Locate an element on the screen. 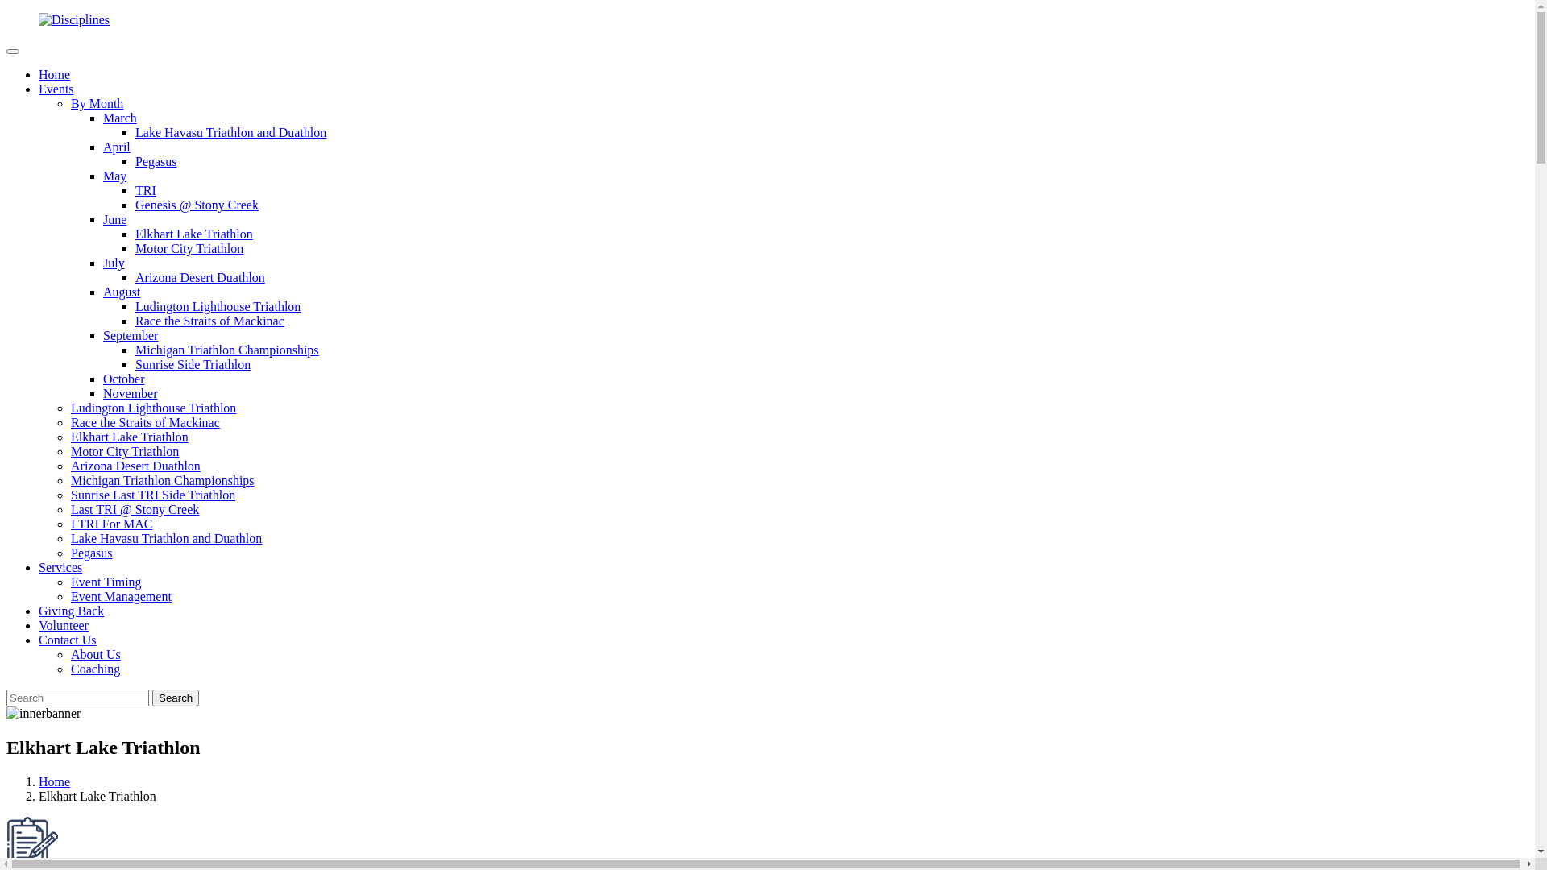 This screenshot has height=870, width=1547. 'By Month' is located at coordinates (96, 103).